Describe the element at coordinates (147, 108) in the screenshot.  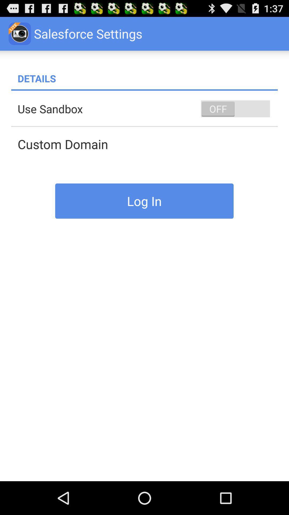
I see `the use sandbox app` at that location.